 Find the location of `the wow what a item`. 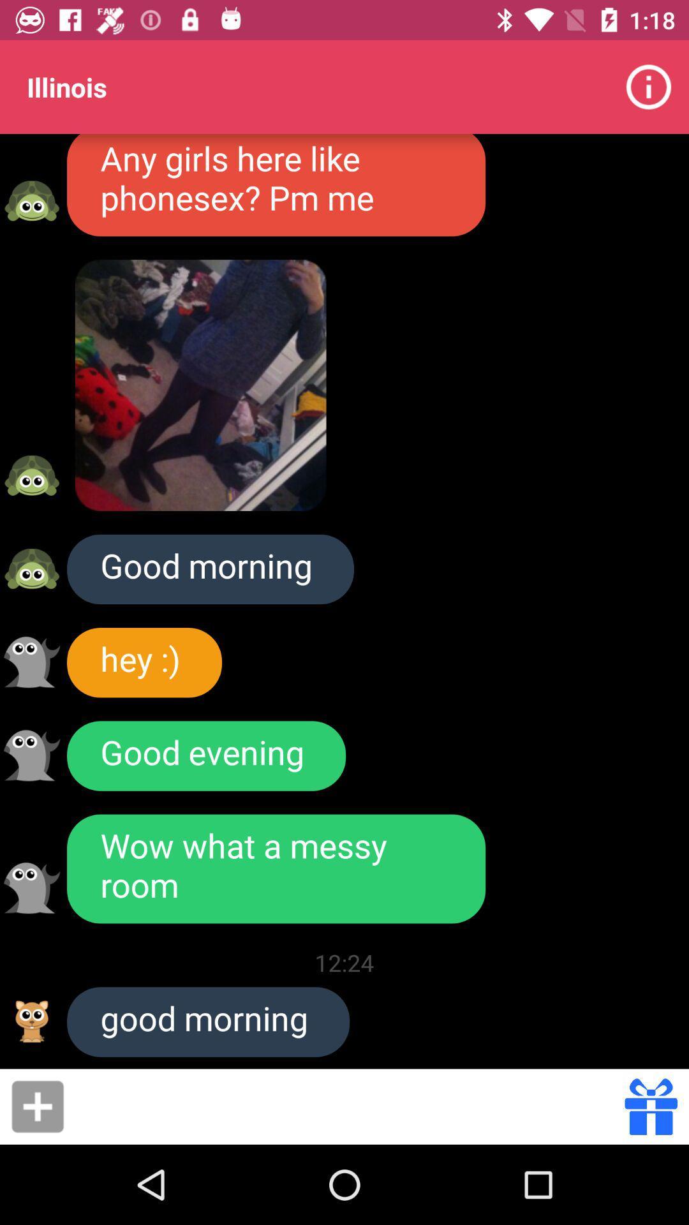

the wow what a item is located at coordinates (276, 868).